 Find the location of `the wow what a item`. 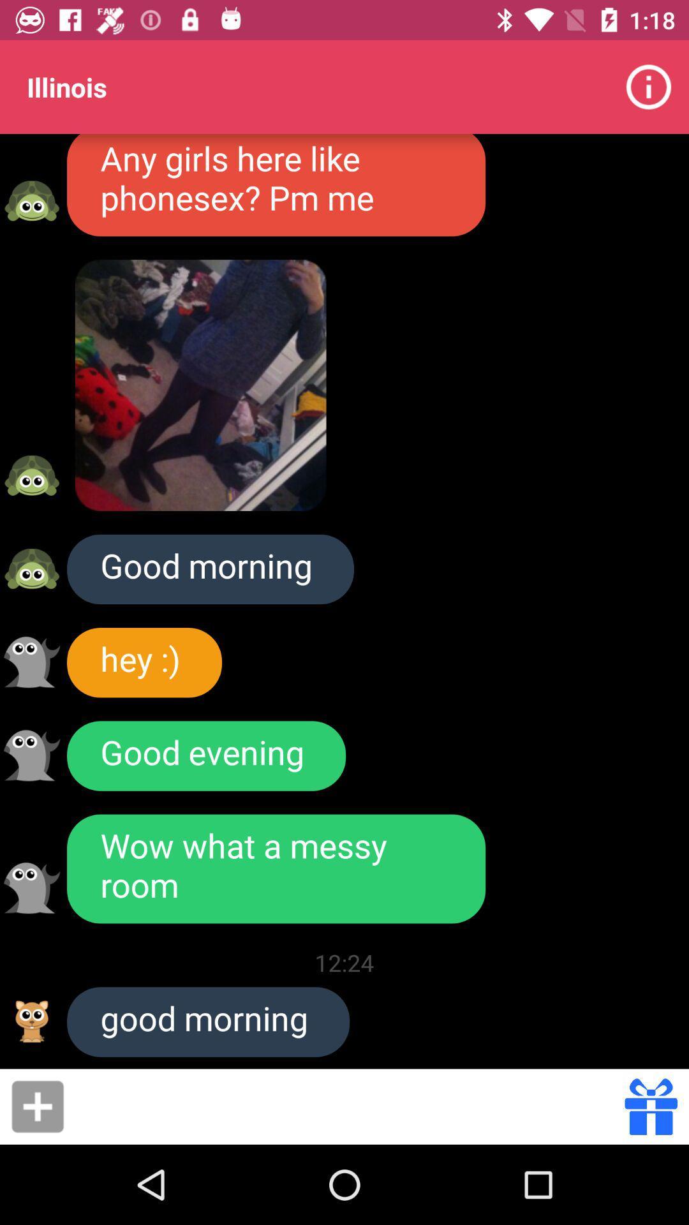

the wow what a item is located at coordinates (276, 868).